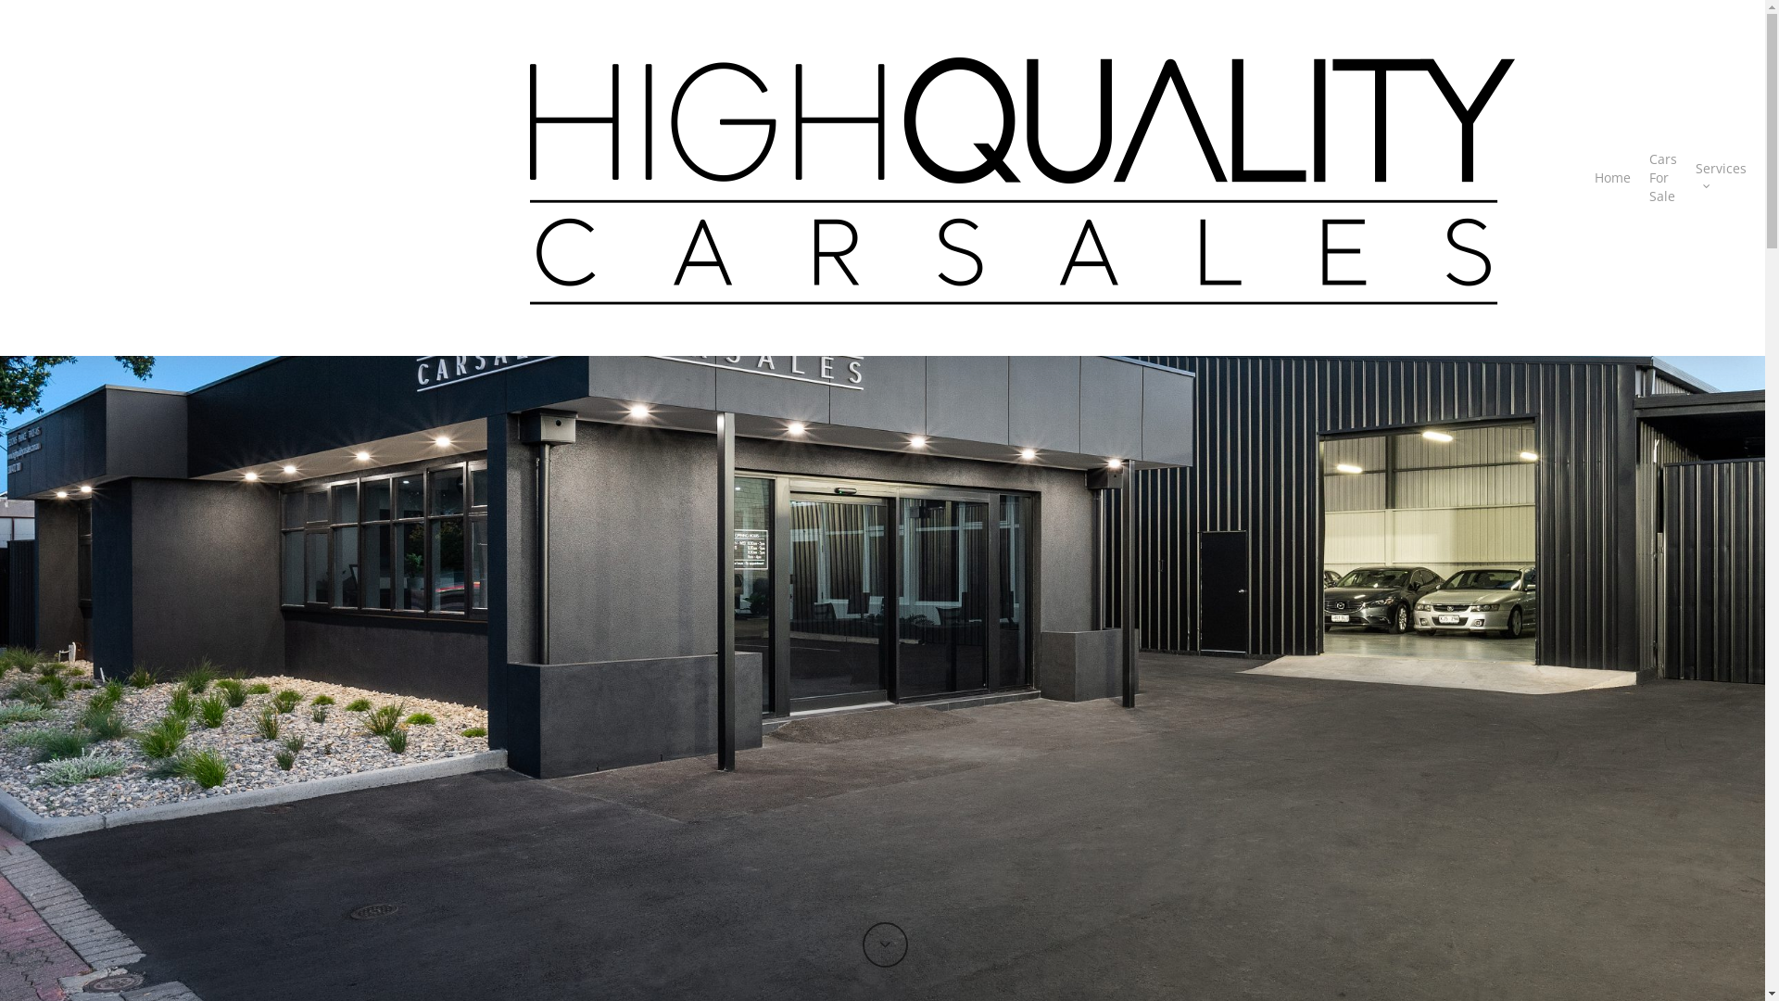 The width and height of the screenshot is (1779, 1001). I want to click on 'Home', so click(1611, 178).